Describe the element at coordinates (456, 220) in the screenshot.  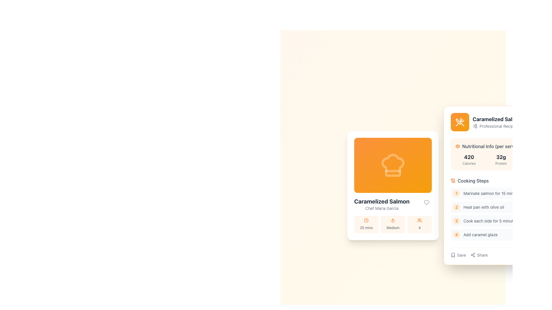
I see `the Badge element that serves as a step indicator for step 3 of the cooking instruction, which visually represents the order of the step and is positioned before the step description 'Cook each side for 5 minutes'` at that location.